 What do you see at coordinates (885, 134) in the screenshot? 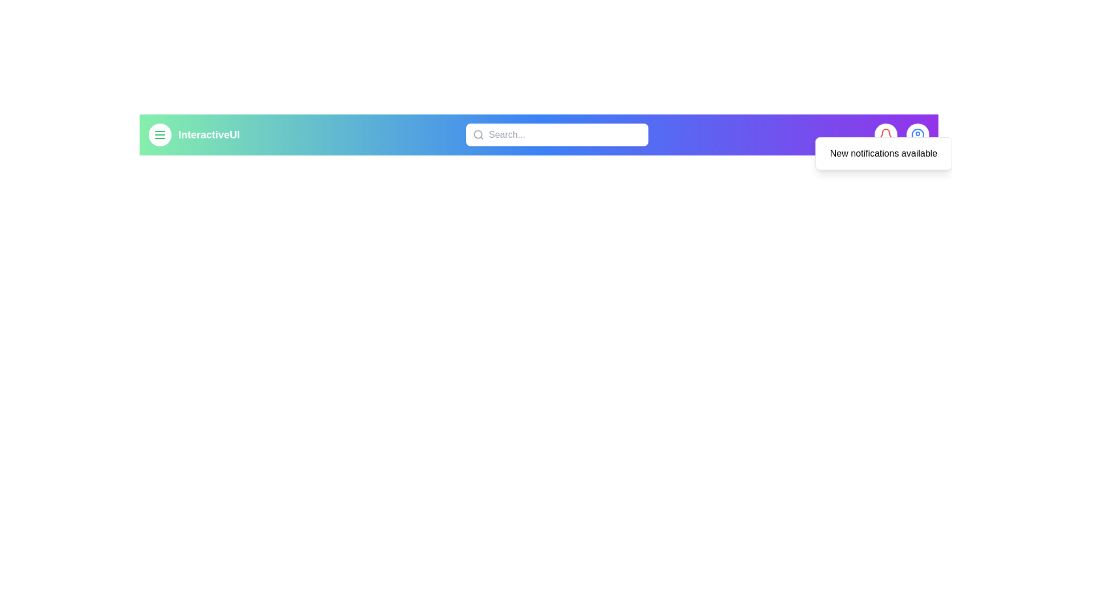
I see `the bell icon to toggle the visibility of notifications` at bounding box center [885, 134].